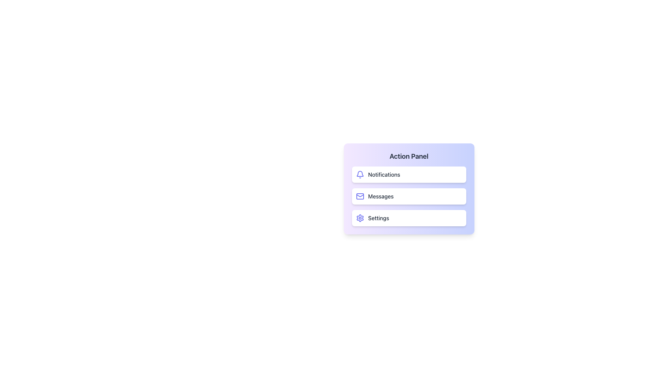  Describe the element at coordinates (408, 156) in the screenshot. I see `the 'Action Panel' text label, which is styled with a bold typeface and is centered above the buttons 'Notifications', 'Messages', and 'Settings'` at that location.